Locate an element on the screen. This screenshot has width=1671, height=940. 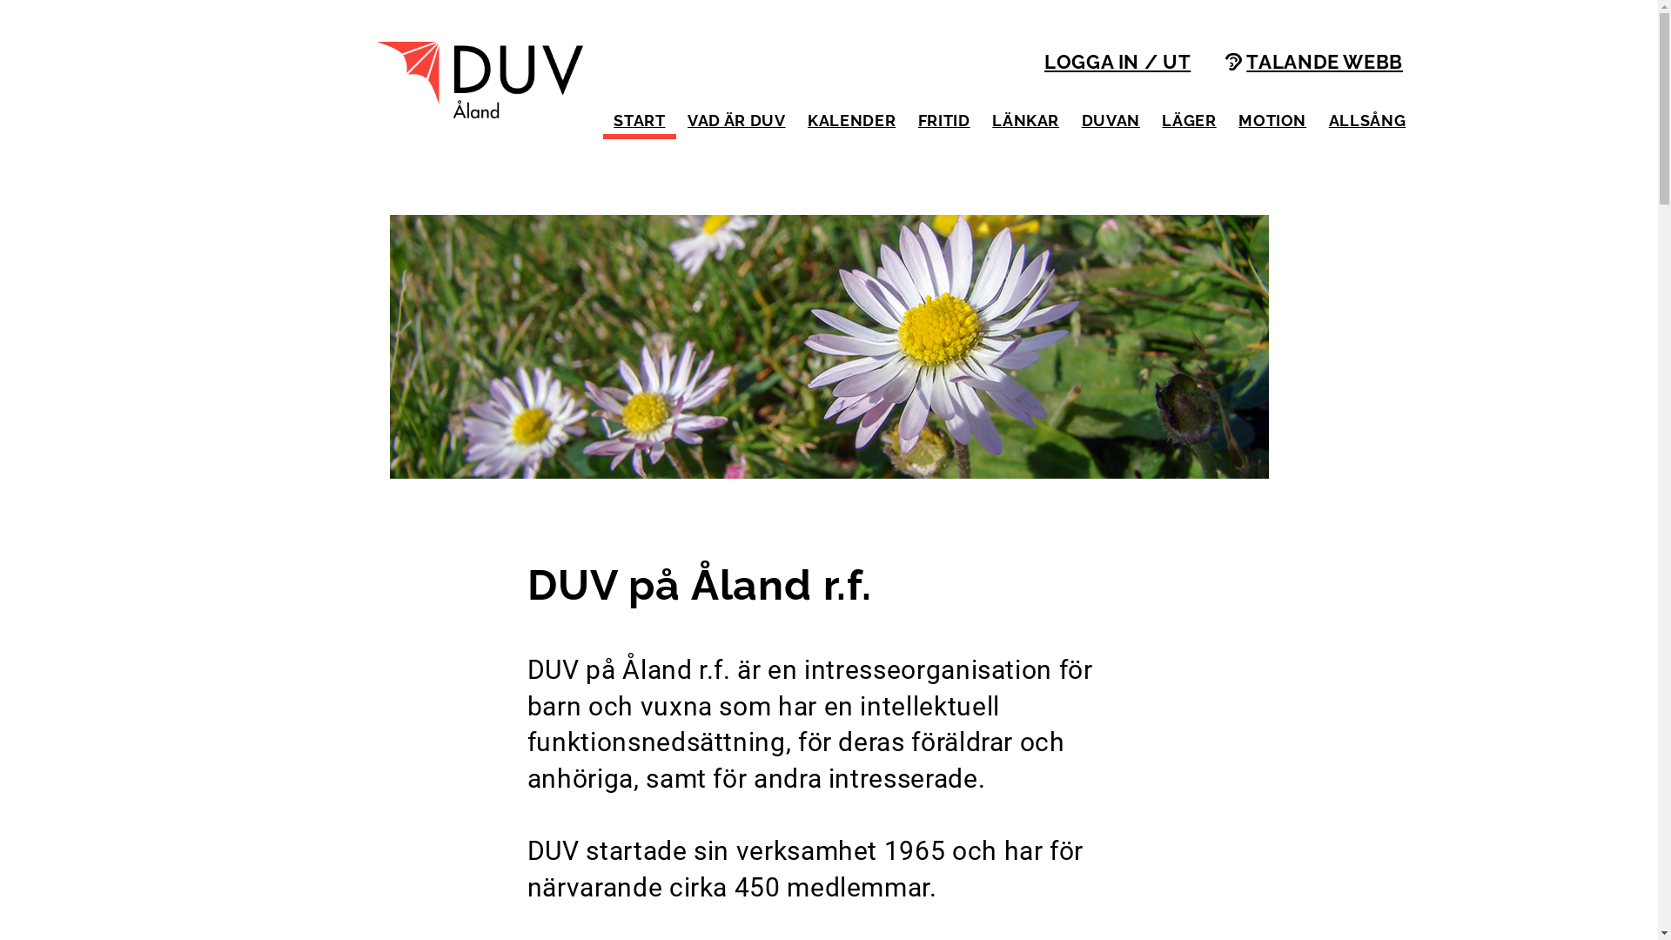
'LOGGA IN / UT' is located at coordinates (1117, 64).